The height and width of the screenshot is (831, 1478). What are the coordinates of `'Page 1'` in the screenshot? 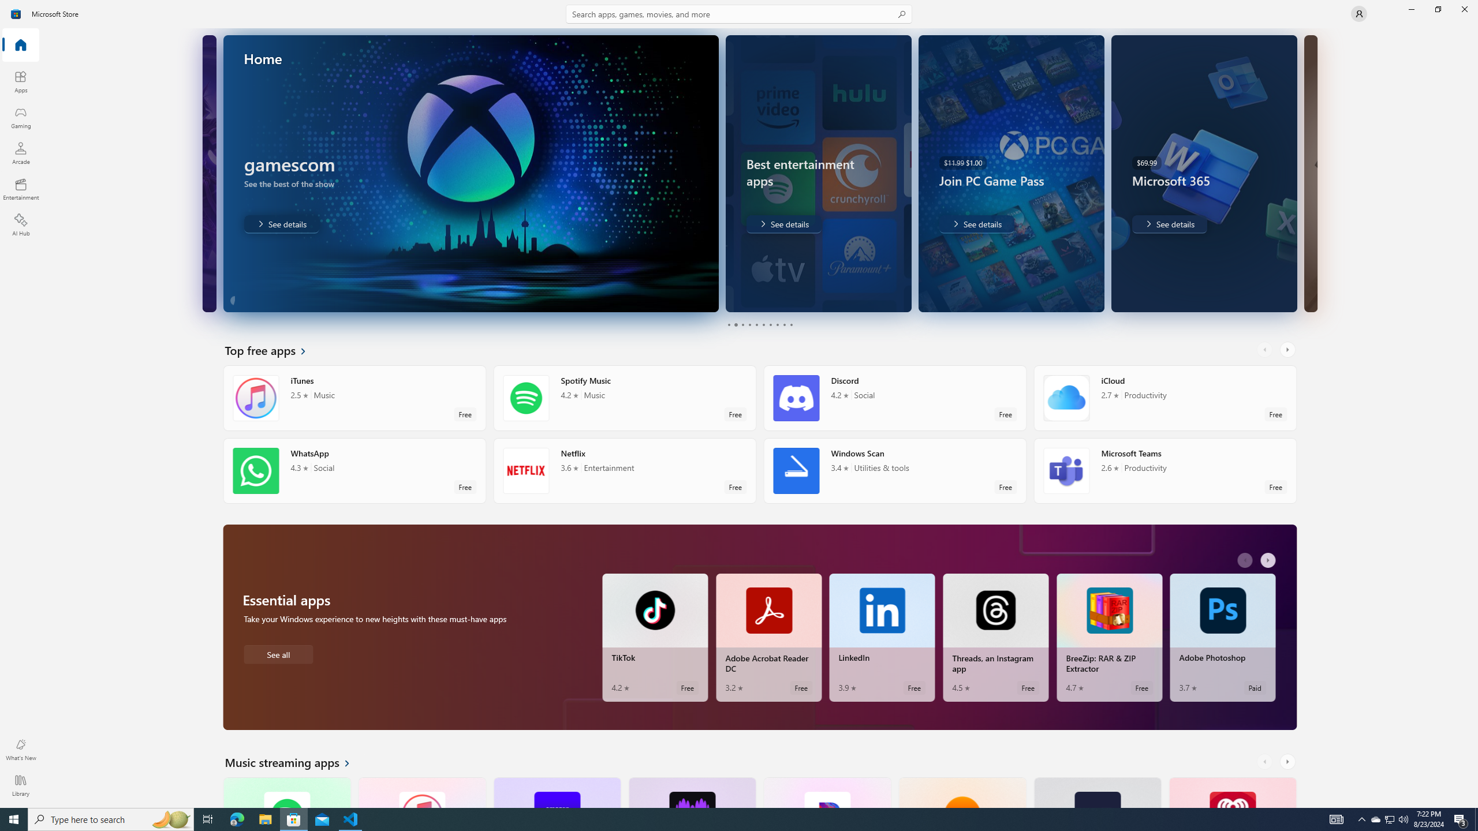 It's located at (728, 324).